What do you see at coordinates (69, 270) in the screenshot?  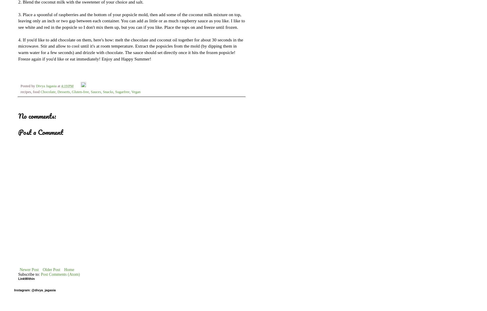 I see `'Home'` at bounding box center [69, 270].